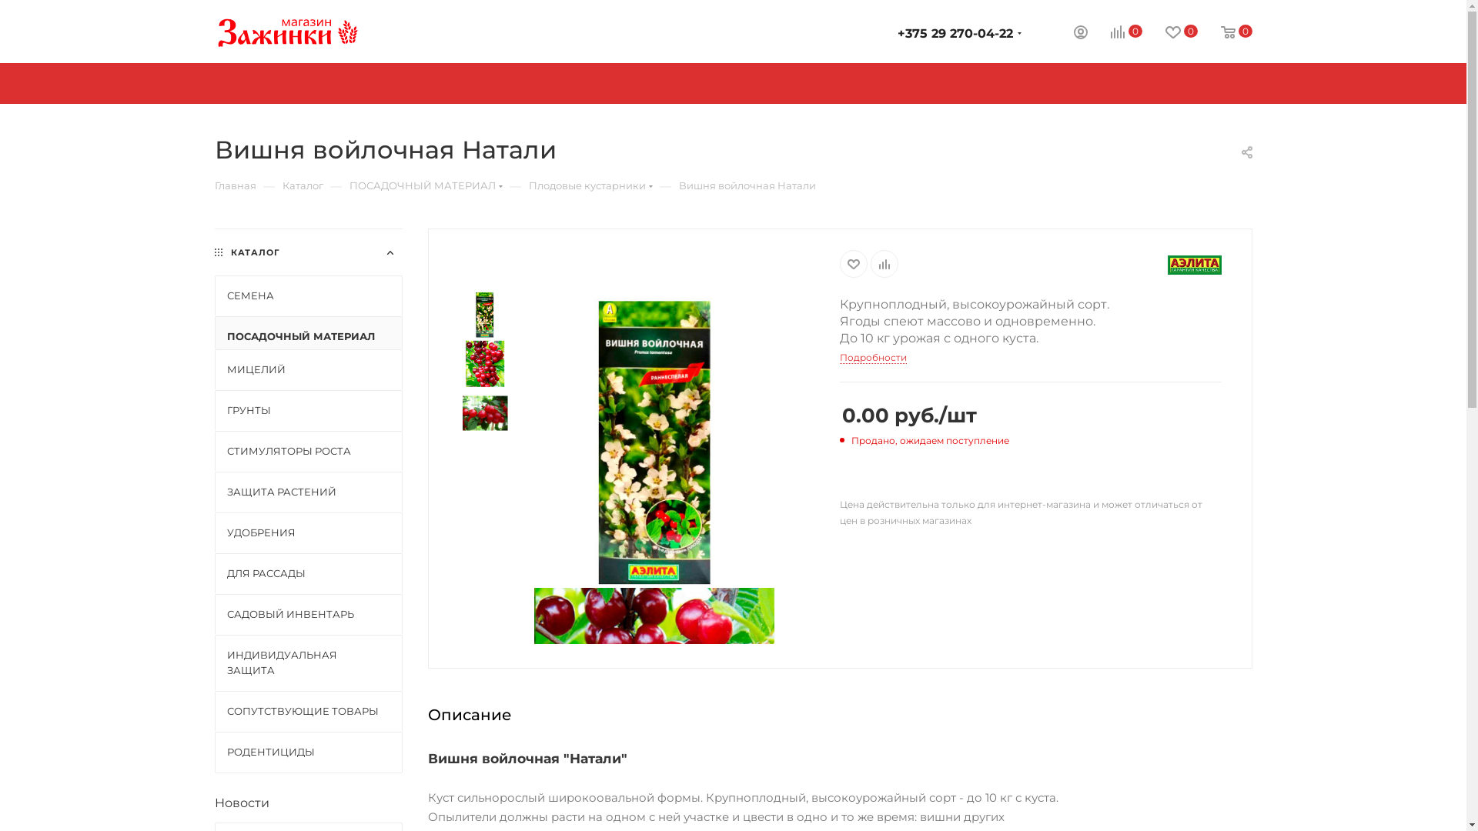 Image resolution: width=1478 pixels, height=831 pixels. What do you see at coordinates (955, 33) in the screenshot?
I see `'+375 29 270-04-22'` at bounding box center [955, 33].